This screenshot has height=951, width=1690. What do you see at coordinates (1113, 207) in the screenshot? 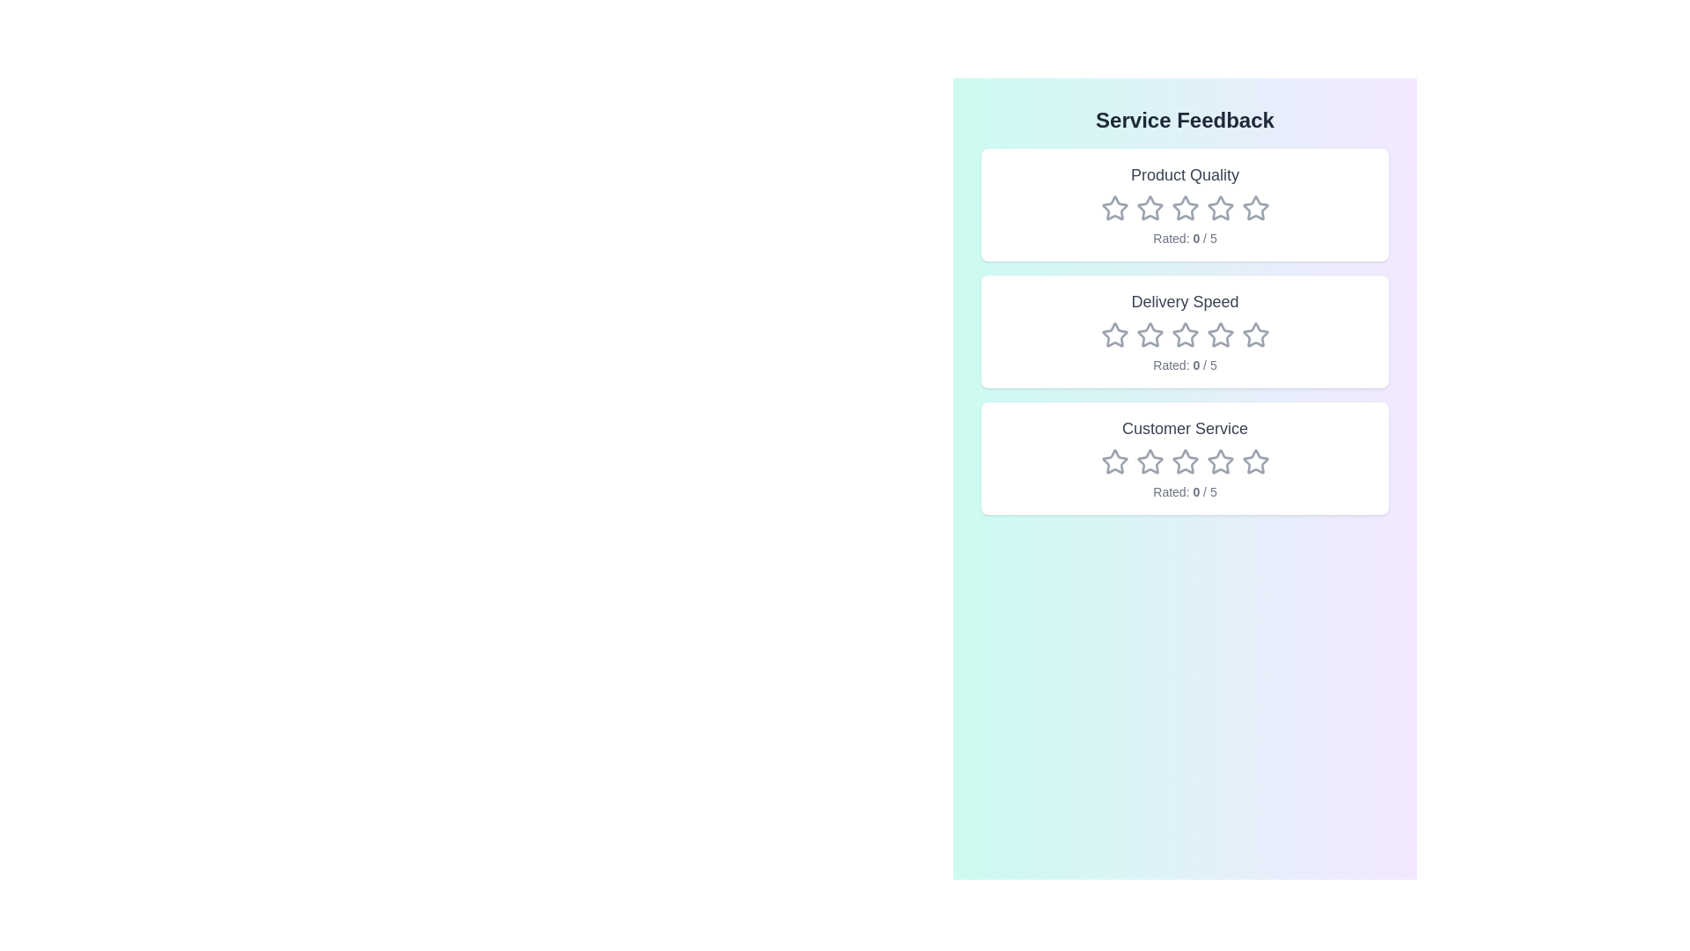
I see `the star icon for 1 stars in the 'Product Quality' section` at bounding box center [1113, 207].